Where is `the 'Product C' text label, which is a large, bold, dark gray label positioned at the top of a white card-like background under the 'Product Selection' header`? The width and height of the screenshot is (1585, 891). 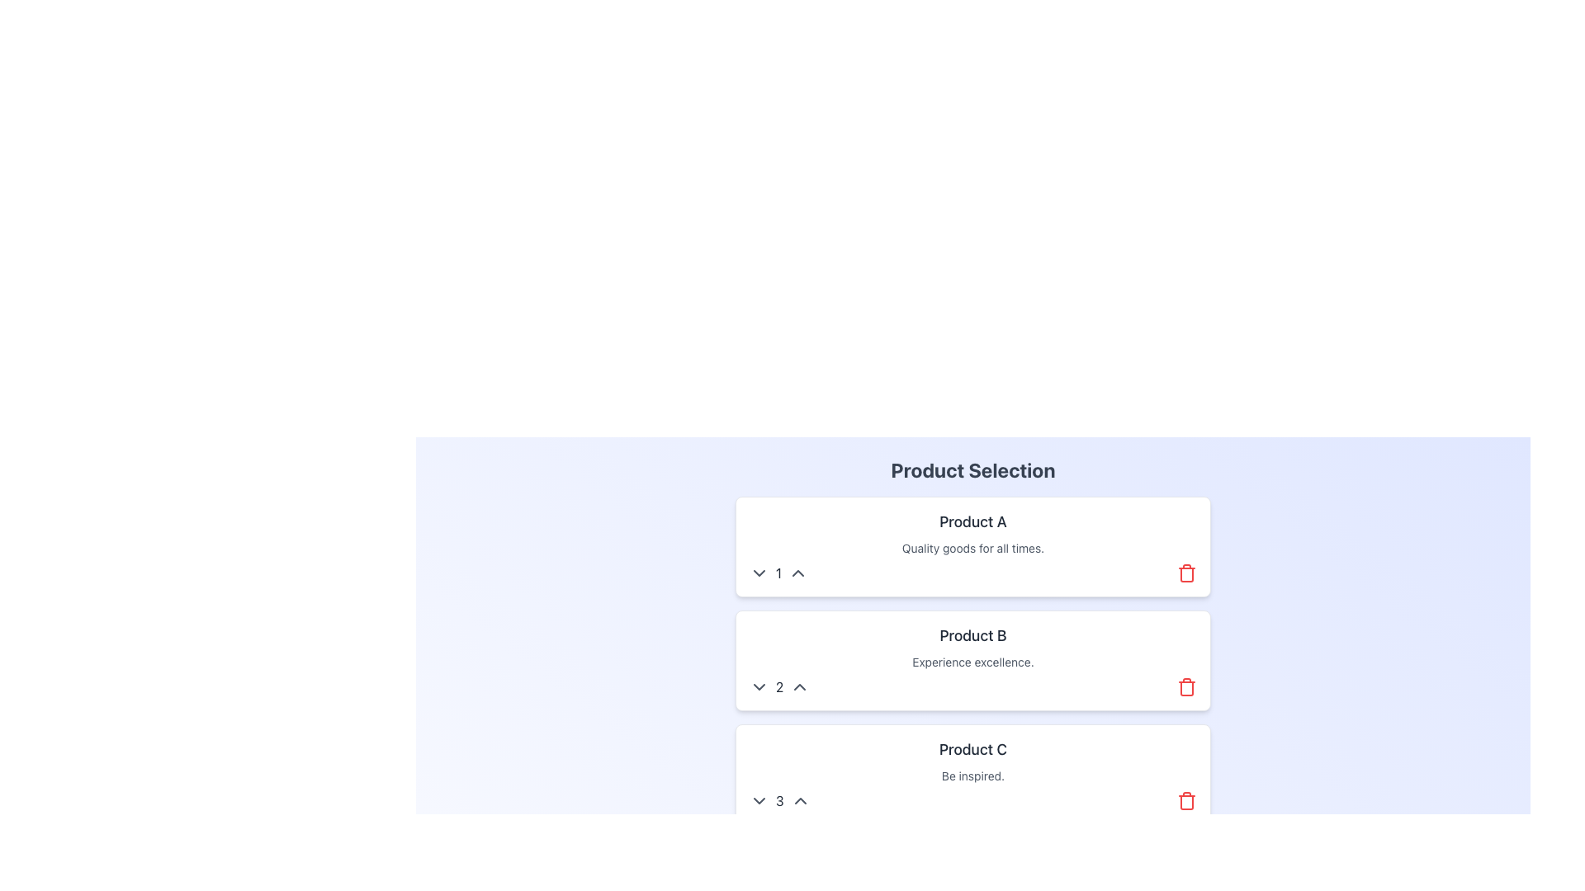 the 'Product C' text label, which is a large, bold, dark gray label positioned at the top of a white card-like background under the 'Product Selection' header is located at coordinates (973, 750).